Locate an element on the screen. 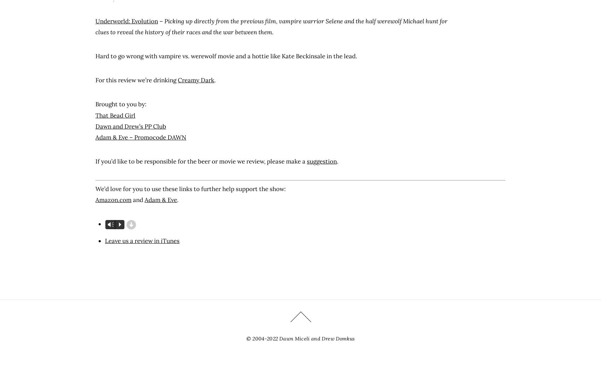  'Vm' is located at coordinates (110, 225).